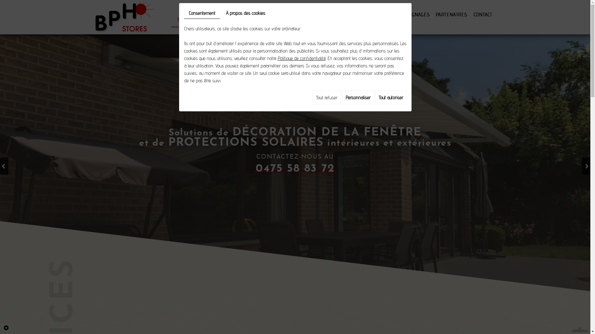 This screenshot has height=334, width=595. I want to click on 'Tout refuser', so click(326, 97).